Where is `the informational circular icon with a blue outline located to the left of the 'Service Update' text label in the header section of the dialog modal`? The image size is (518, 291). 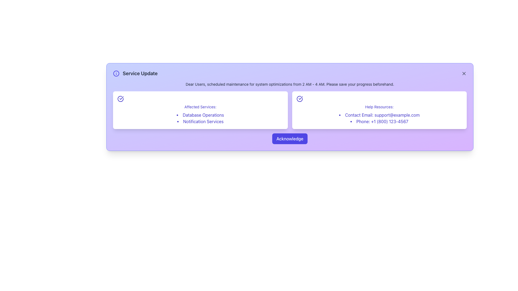
the informational circular icon with a blue outline located to the left of the 'Service Update' text label in the header section of the dialog modal is located at coordinates (116, 74).